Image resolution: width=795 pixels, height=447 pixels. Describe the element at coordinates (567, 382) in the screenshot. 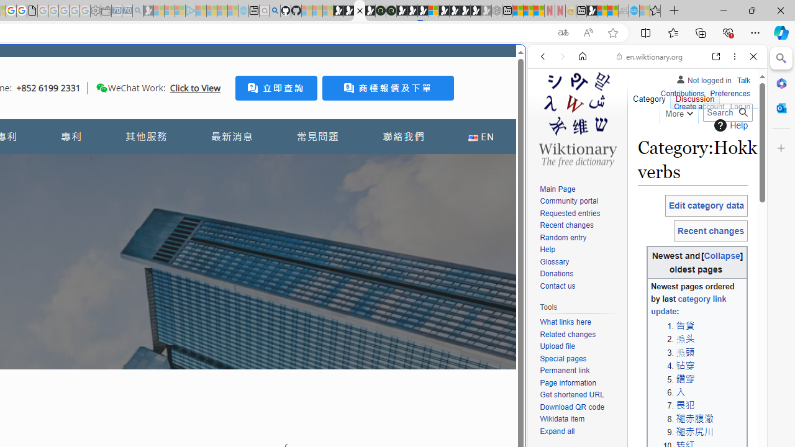

I see `'Page information'` at that location.